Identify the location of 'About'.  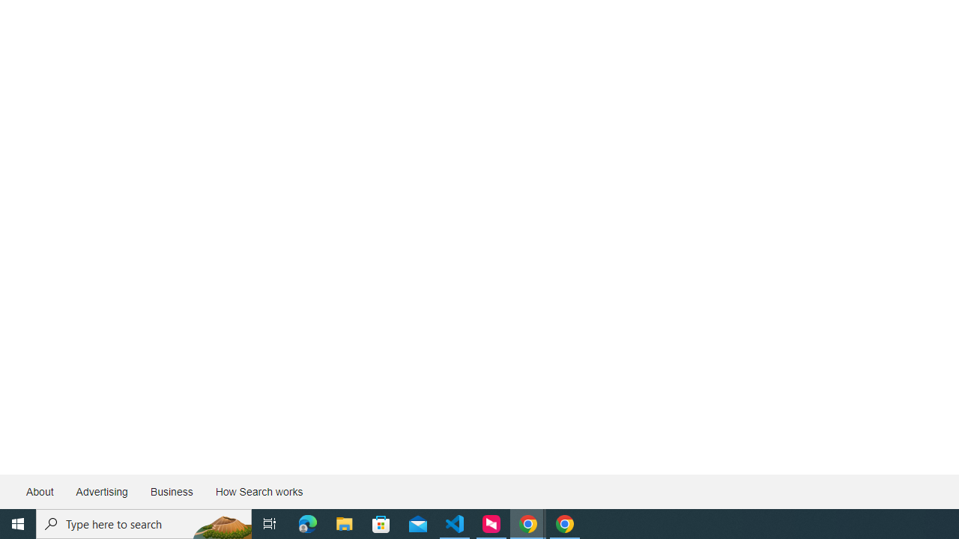
(40, 492).